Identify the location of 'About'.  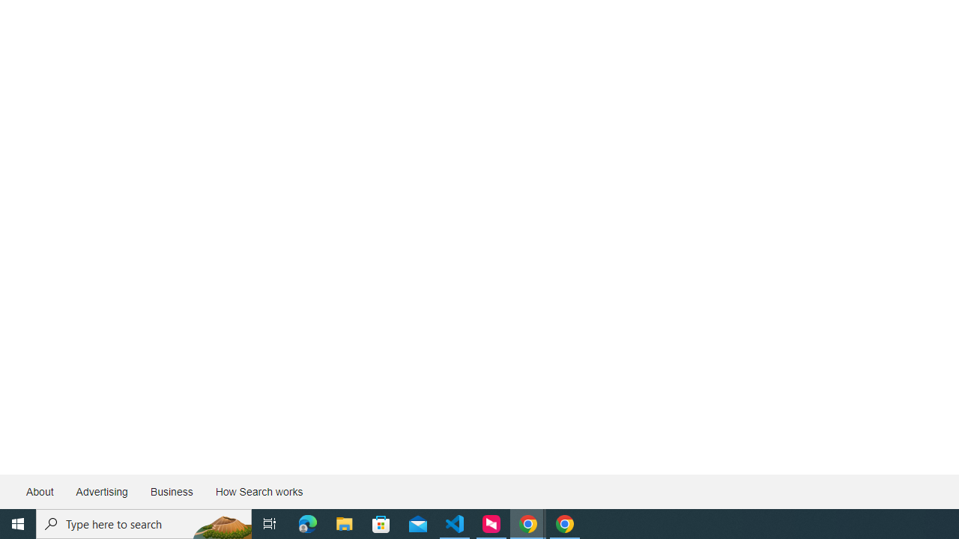
(40, 492).